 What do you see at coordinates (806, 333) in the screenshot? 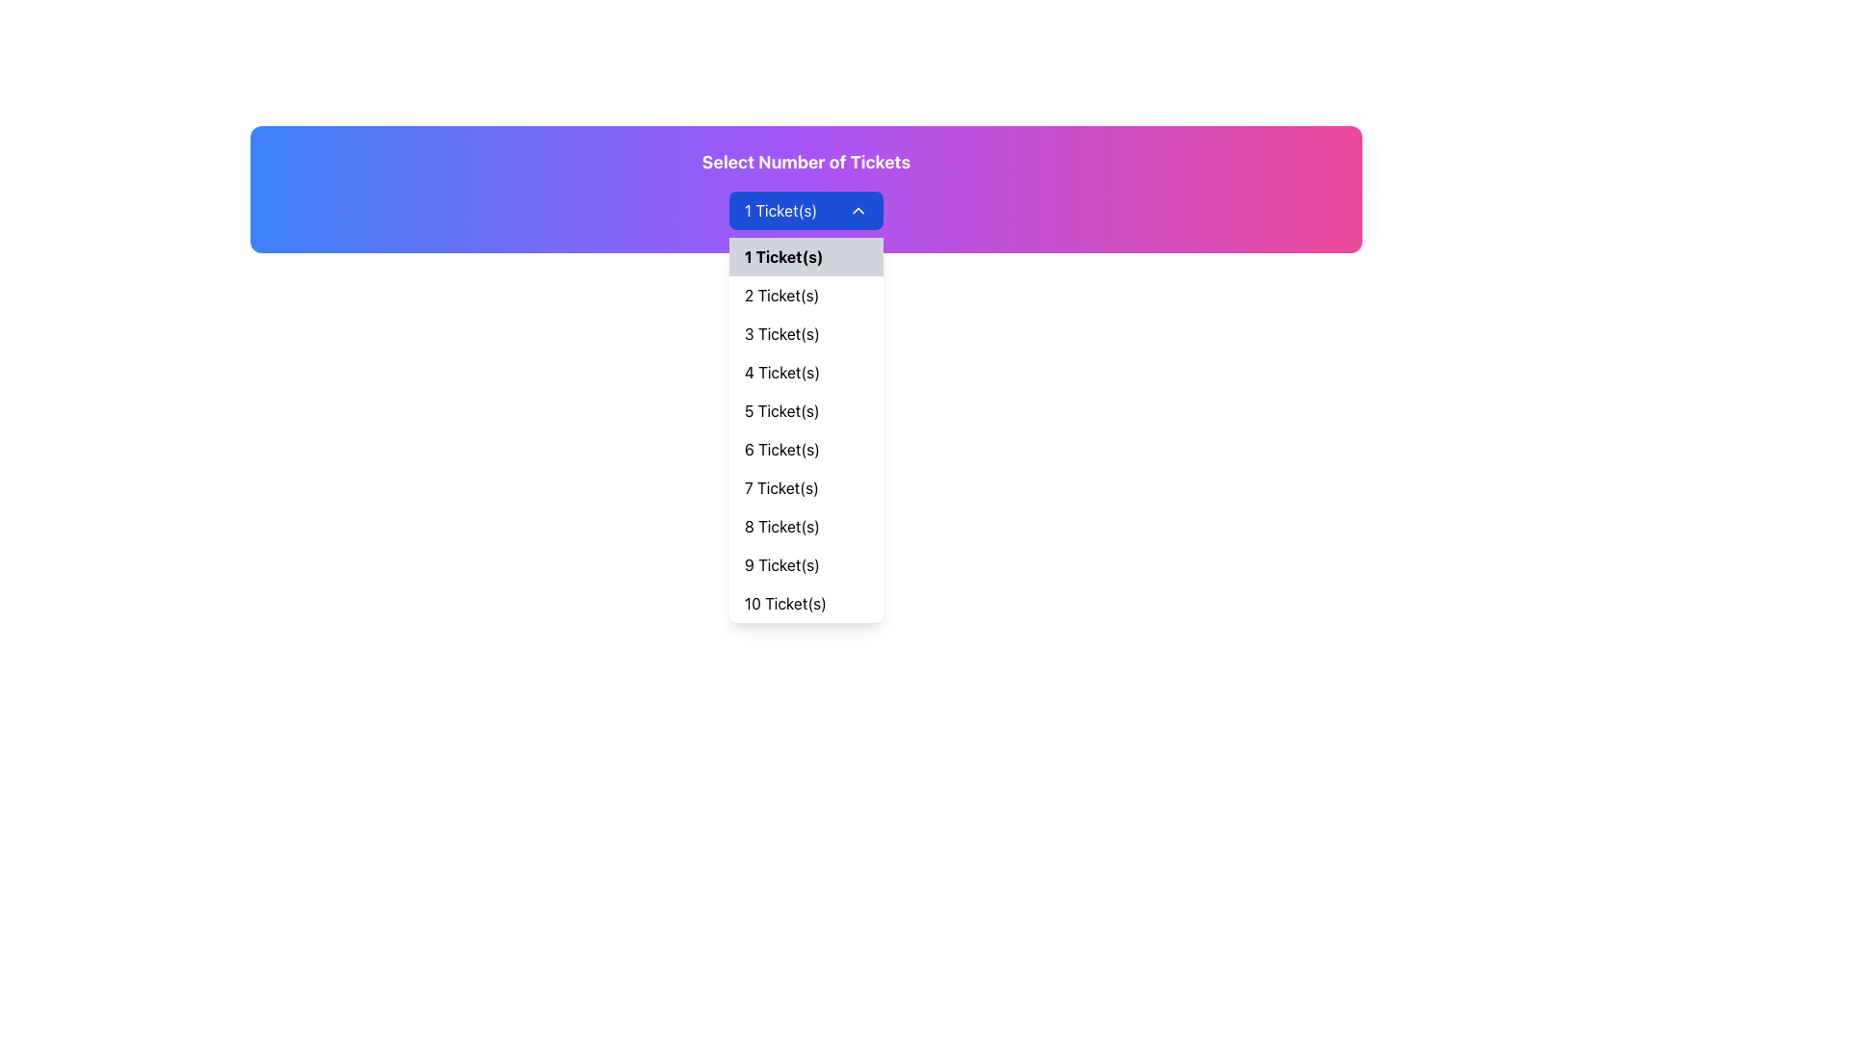
I see `the third item in the dropdown list for purchasing three tickets, which is positioned below '2 Ticket(s)' and above '4 Ticket(s)'` at bounding box center [806, 333].